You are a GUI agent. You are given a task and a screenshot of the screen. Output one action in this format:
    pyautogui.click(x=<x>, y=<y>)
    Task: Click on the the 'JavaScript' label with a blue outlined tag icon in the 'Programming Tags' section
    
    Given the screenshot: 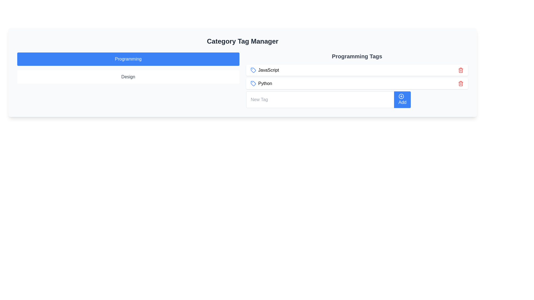 What is the action you would take?
    pyautogui.click(x=264, y=70)
    